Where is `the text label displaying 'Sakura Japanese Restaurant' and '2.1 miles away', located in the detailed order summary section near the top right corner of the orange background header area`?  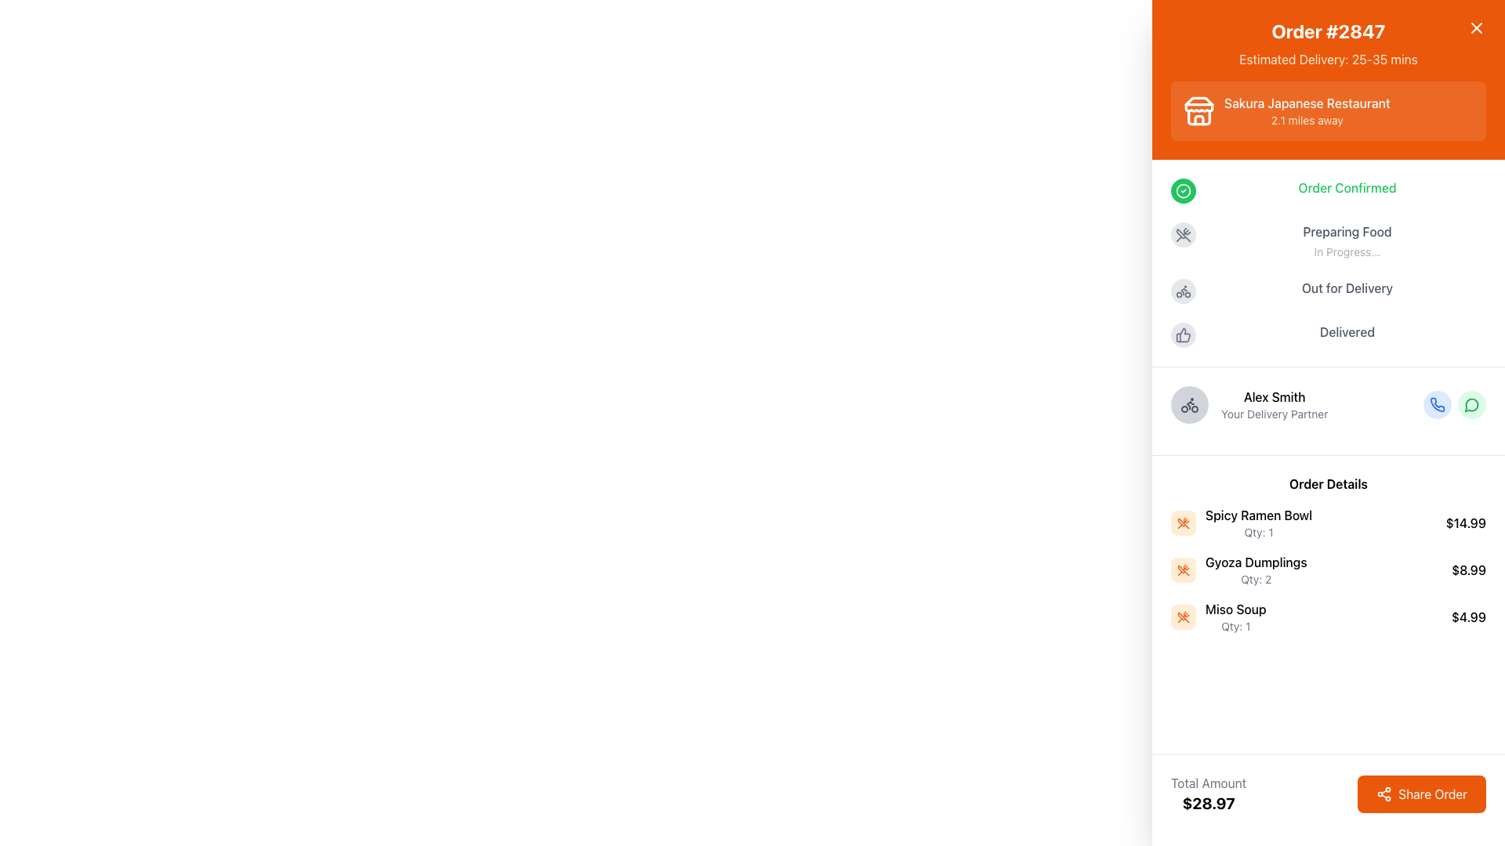 the text label displaying 'Sakura Japanese Restaurant' and '2.1 miles away', located in the detailed order summary section near the top right corner of the orange background header area is located at coordinates (1307, 110).